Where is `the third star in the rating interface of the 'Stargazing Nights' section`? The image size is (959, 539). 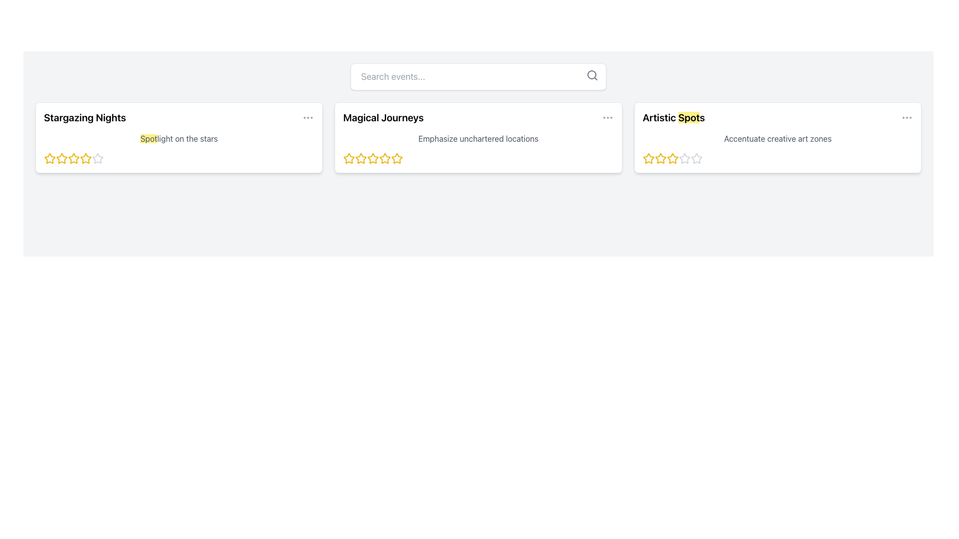 the third star in the rating interface of the 'Stargazing Nights' section is located at coordinates (73, 158).